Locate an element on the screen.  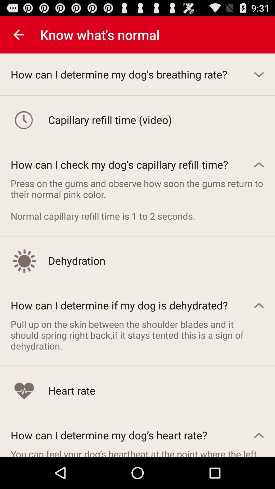
the icon beside dehydration is located at coordinates (24, 261).